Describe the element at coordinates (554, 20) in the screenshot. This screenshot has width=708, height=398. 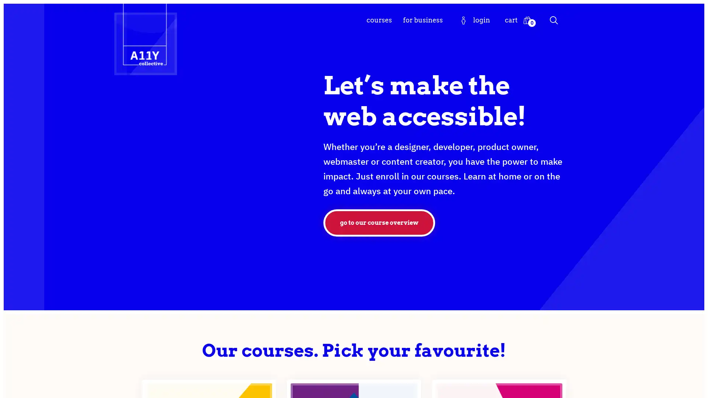
I see `Search` at that location.